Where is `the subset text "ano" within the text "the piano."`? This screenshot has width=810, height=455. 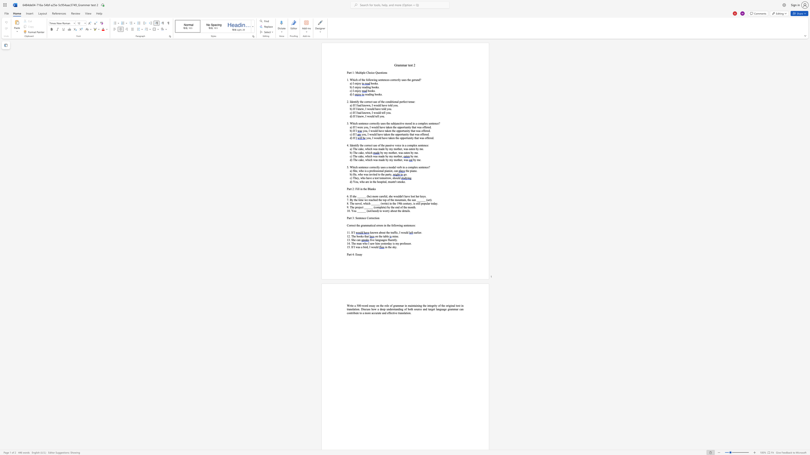 the subset text "ano" within the text "the piano." is located at coordinates (412, 171).